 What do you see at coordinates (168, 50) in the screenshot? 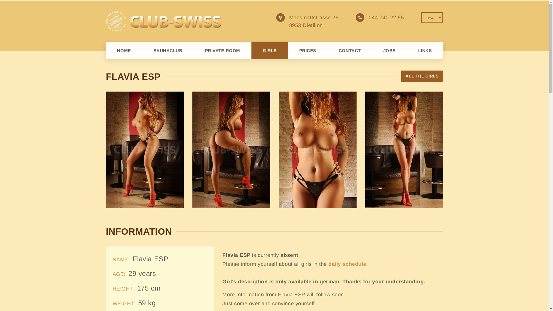
I see `'SAUNACLUB'` at bounding box center [168, 50].